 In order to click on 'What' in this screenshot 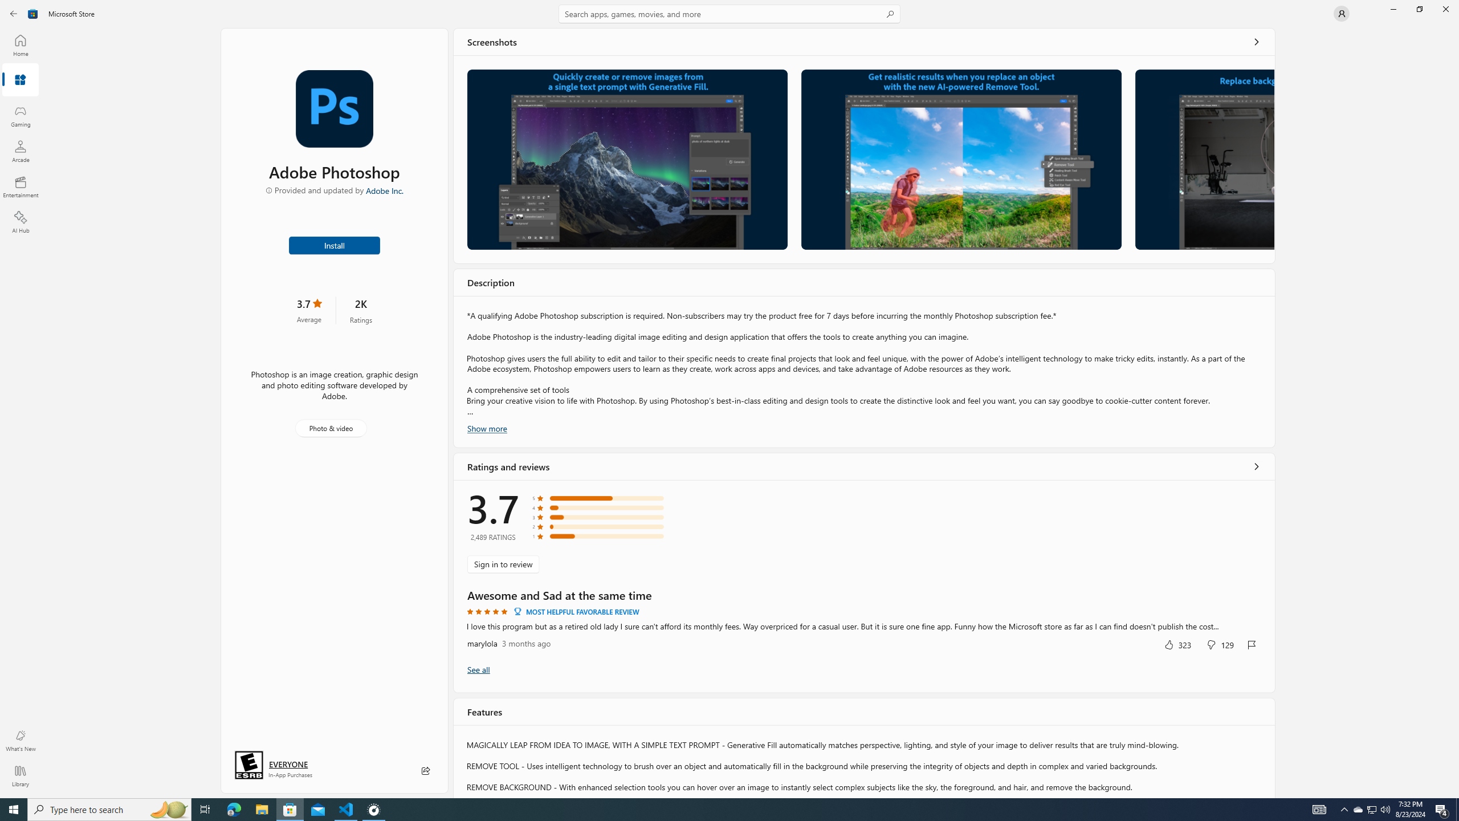, I will do `click(19, 740)`.